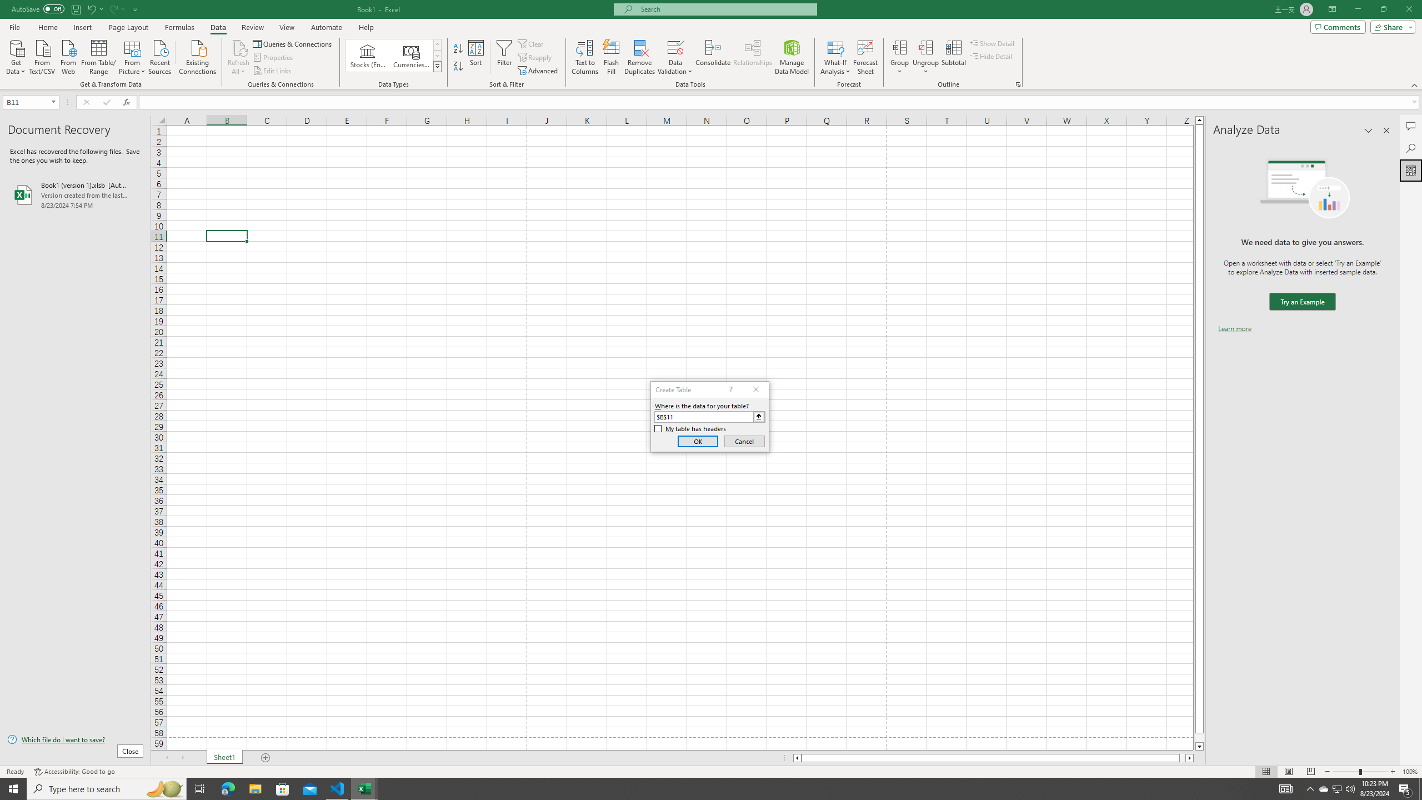 The width and height of the screenshot is (1422, 800). I want to click on 'From Table/Range', so click(98, 56).